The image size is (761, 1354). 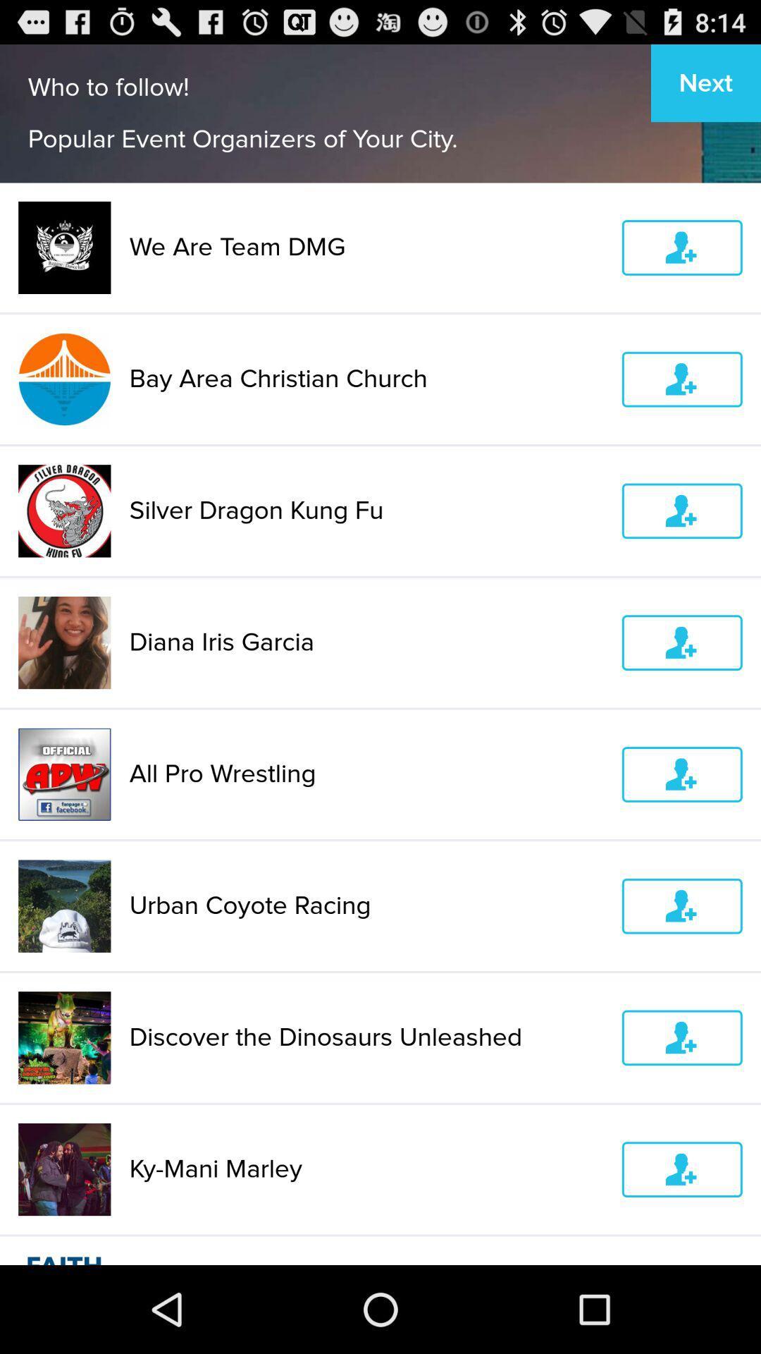 What do you see at coordinates (366, 510) in the screenshot?
I see `app below the bay area christian` at bounding box center [366, 510].